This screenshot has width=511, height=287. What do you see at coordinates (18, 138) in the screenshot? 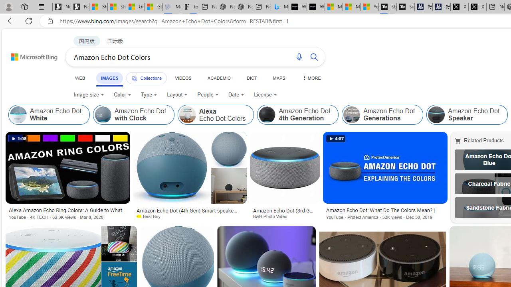
I see `'1:08'` at bounding box center [18, 138].